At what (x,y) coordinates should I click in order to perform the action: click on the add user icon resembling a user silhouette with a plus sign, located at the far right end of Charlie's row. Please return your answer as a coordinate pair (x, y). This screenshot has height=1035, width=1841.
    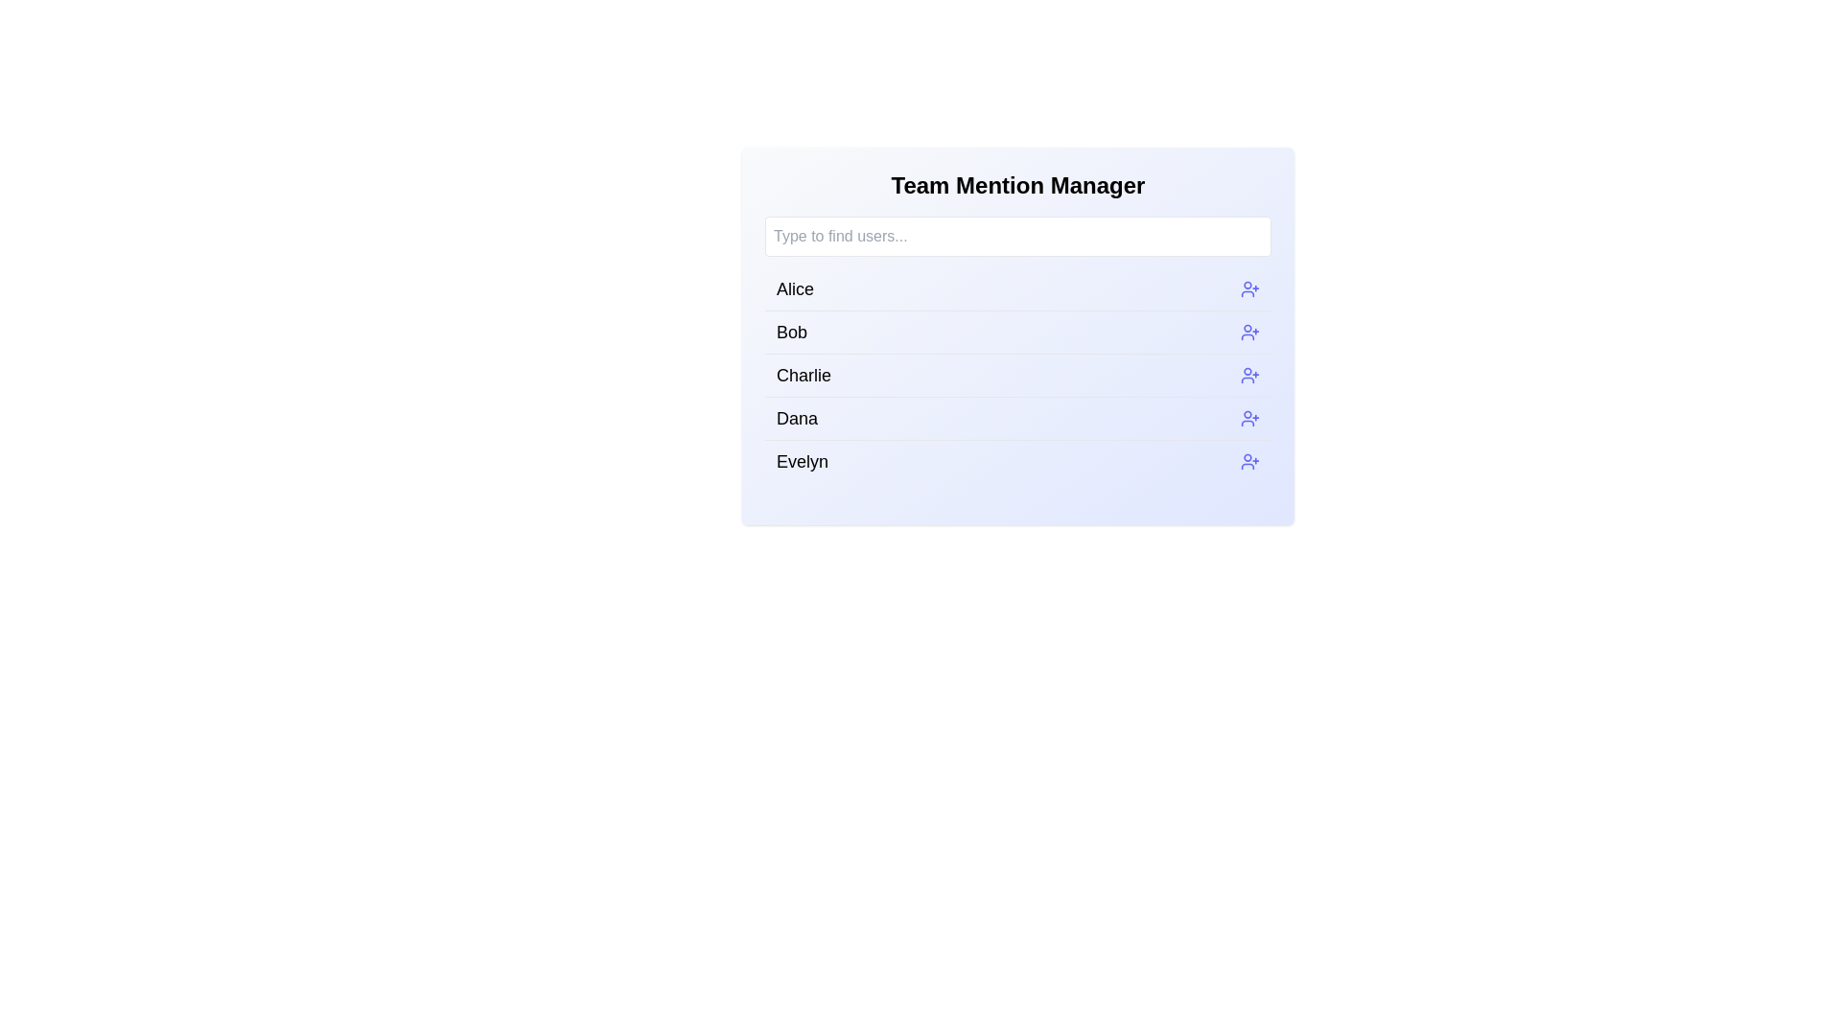
    Looking at the image, I should click on (1250, 376).